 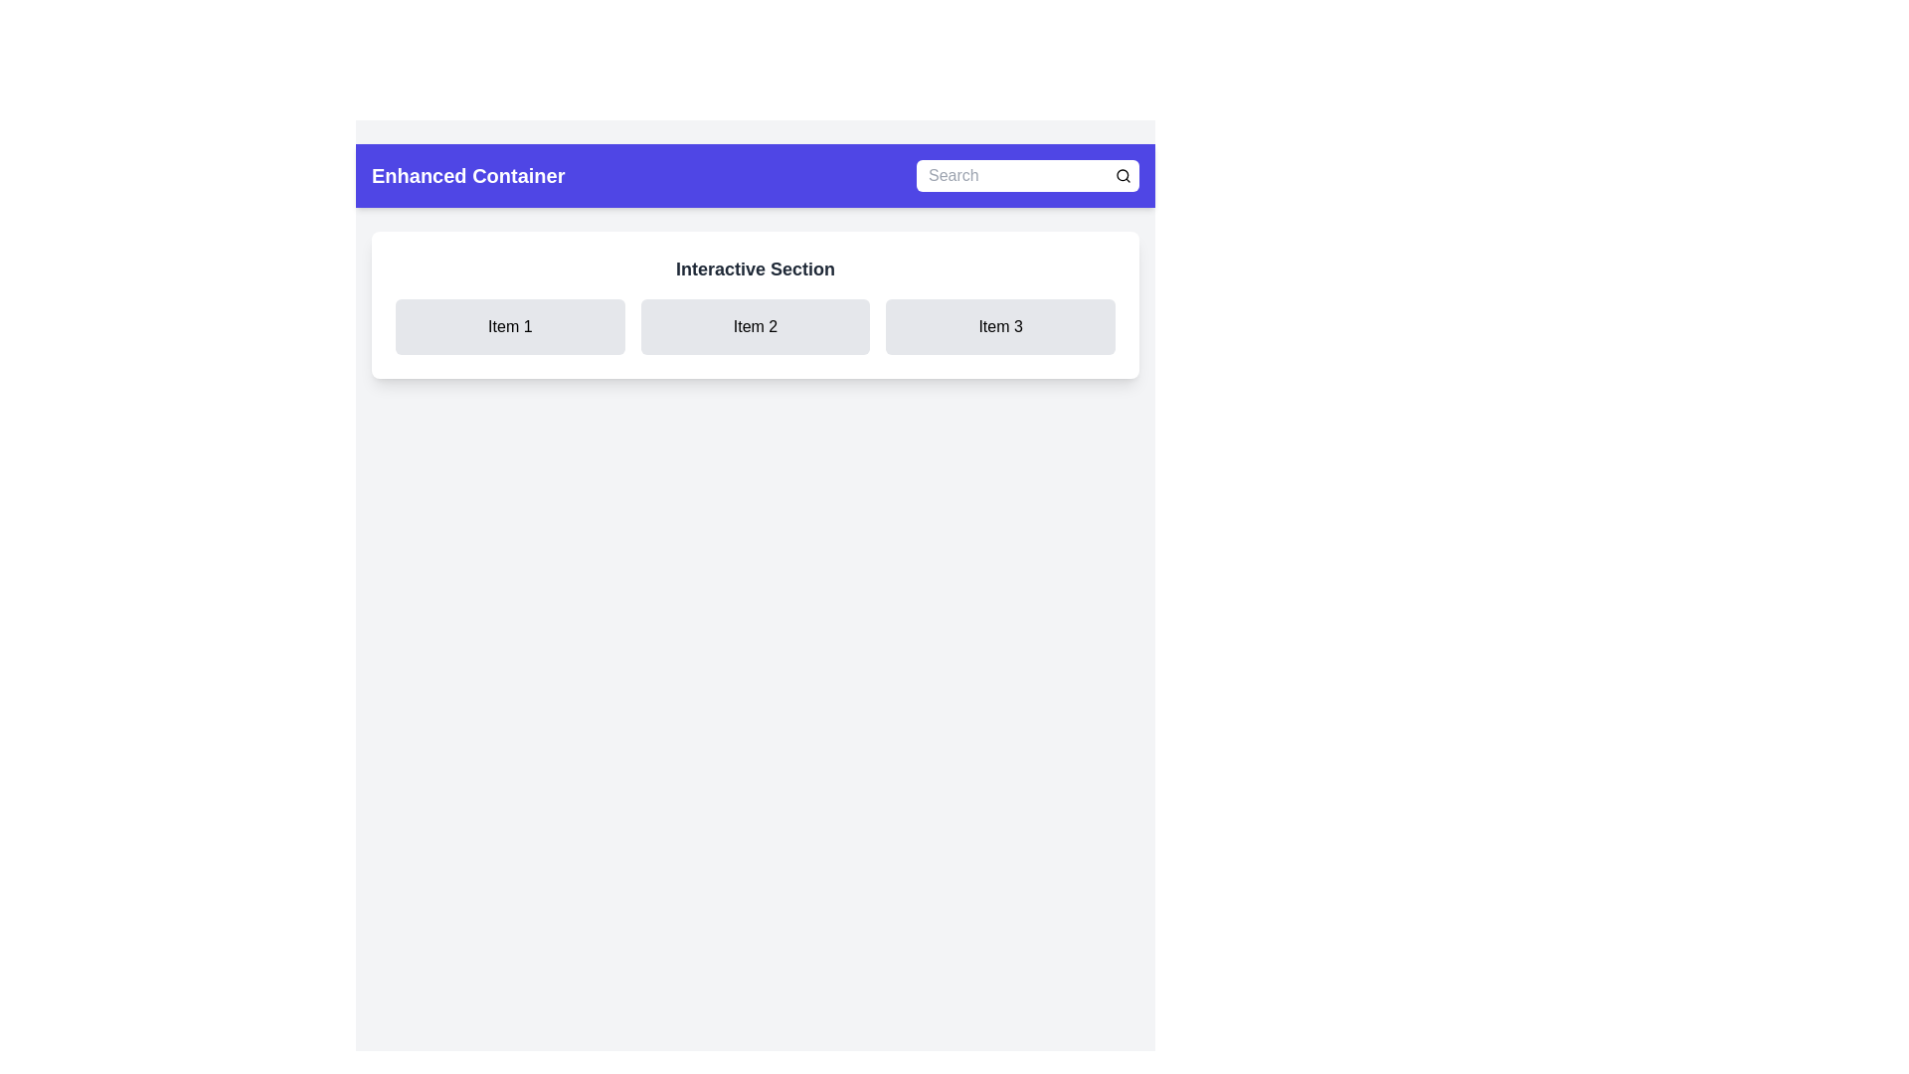 What do you see at coordinates (510, 325) in the screenshot?
I see `the selectable item labeled 'Item 1', which is the first box in a row of three similar elements located at the top left of the 'Interactive Section'` at bounding box center [510, 325].